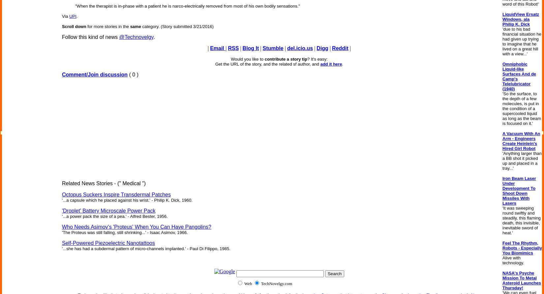 This screenshot has height=294, width=544. I want to click on '"When the therapist is in-phase with a patient he is narco-electrically removed from most of his own bodily sensations."', so click(187, 6).